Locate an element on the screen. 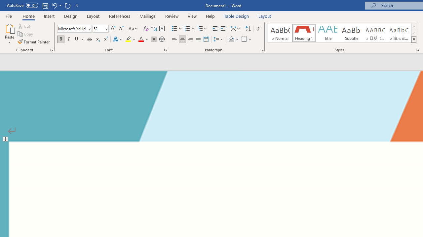  'Phonetic Guide...' is located at coordinates (153, 28).